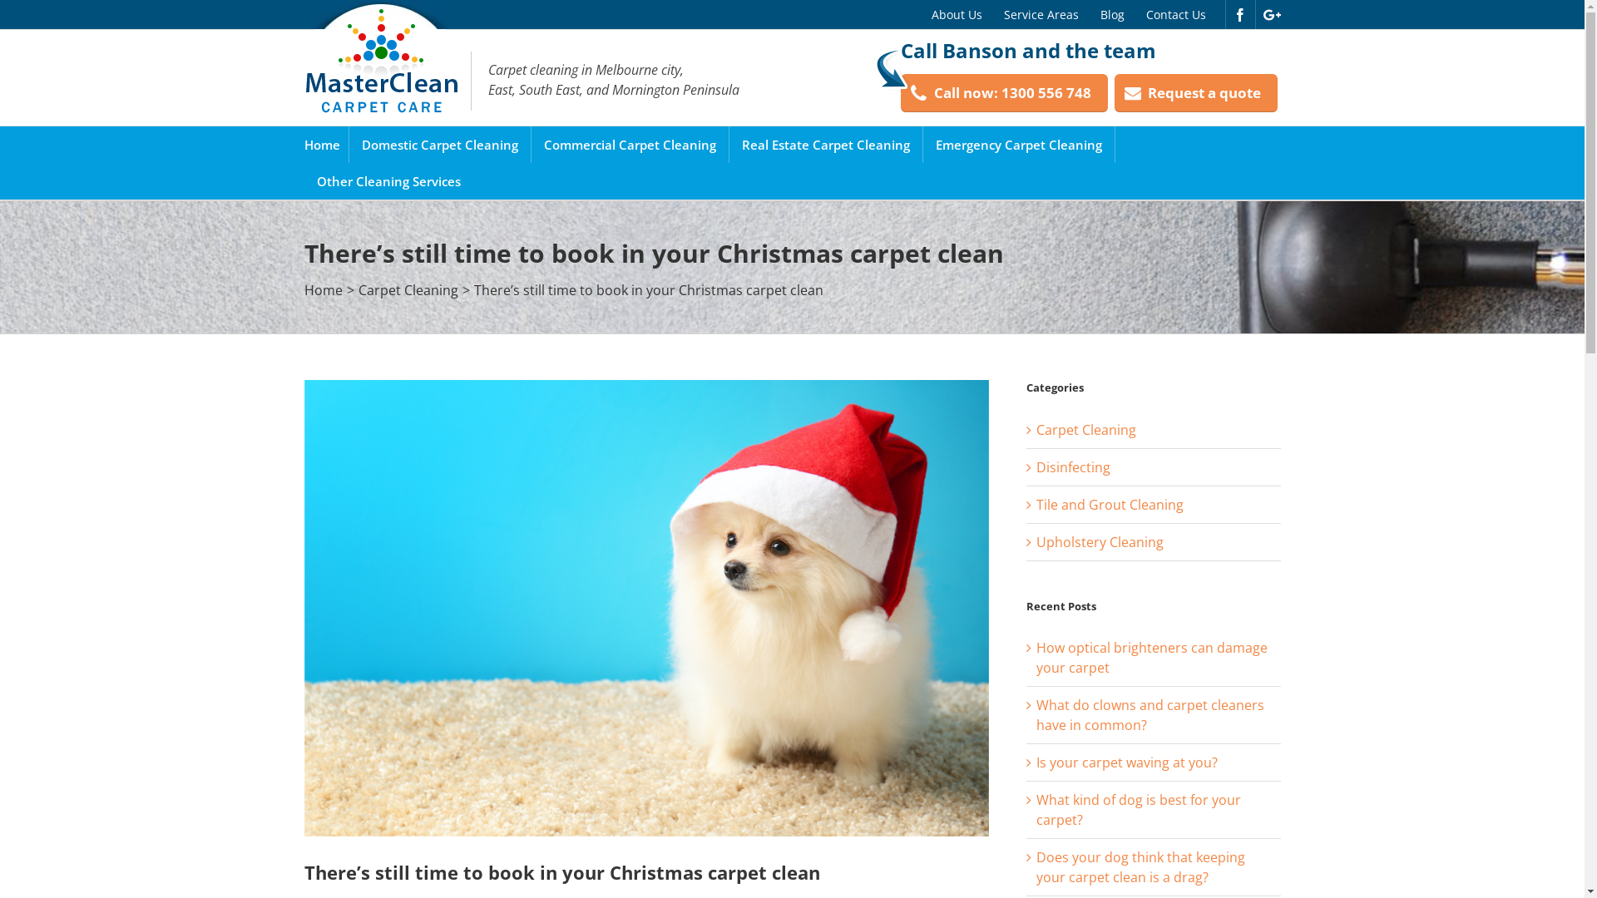 This screenshot has height=898, width=1597. What do you see at coordinates (359, 143) in the screenshot?
I see `'Domestic Carpet Cleaning'` at bounding box center [359, 143].